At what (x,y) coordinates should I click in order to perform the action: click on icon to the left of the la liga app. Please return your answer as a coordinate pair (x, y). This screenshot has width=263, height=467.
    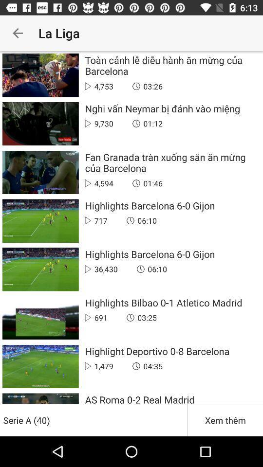
    Looking at the image, I should click on (18, 33).